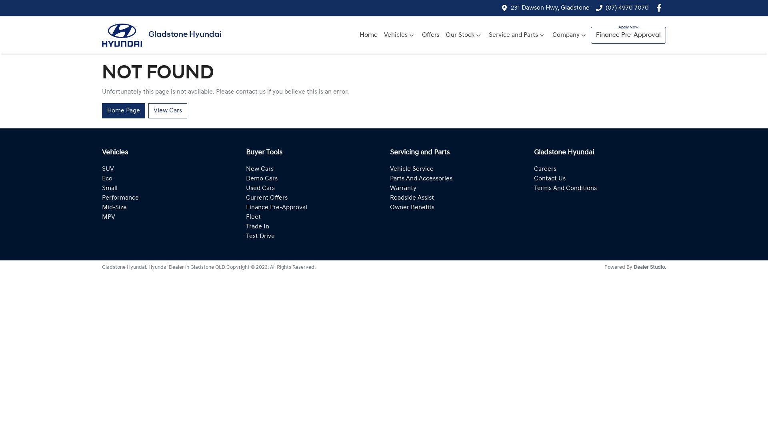  Describe the element at coordinates (628, 35) in the screenshot. I see `'Finance Pre-Approval'` at that location.